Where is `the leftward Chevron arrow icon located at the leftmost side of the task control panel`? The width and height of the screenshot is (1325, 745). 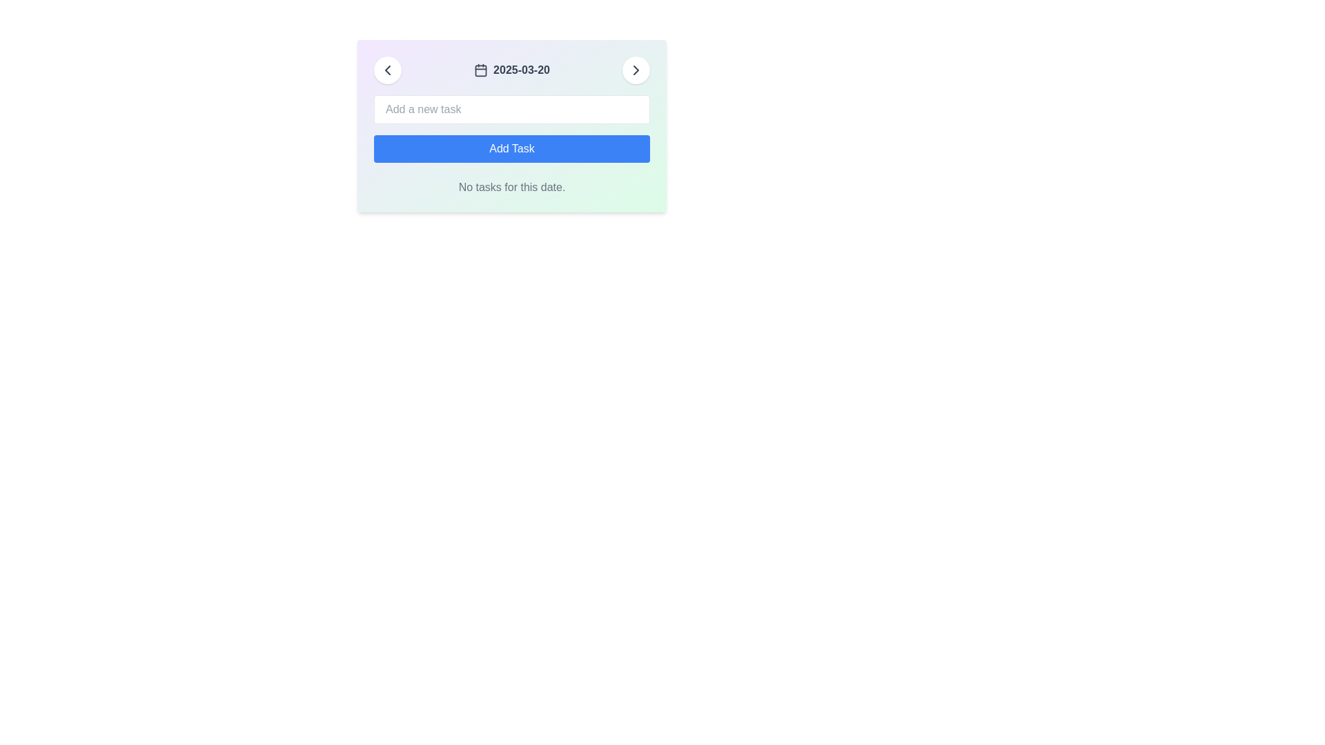 the leftward Chevron arrow icon located at the leftmost side of the task control panel is located at coordinates (386, 70).